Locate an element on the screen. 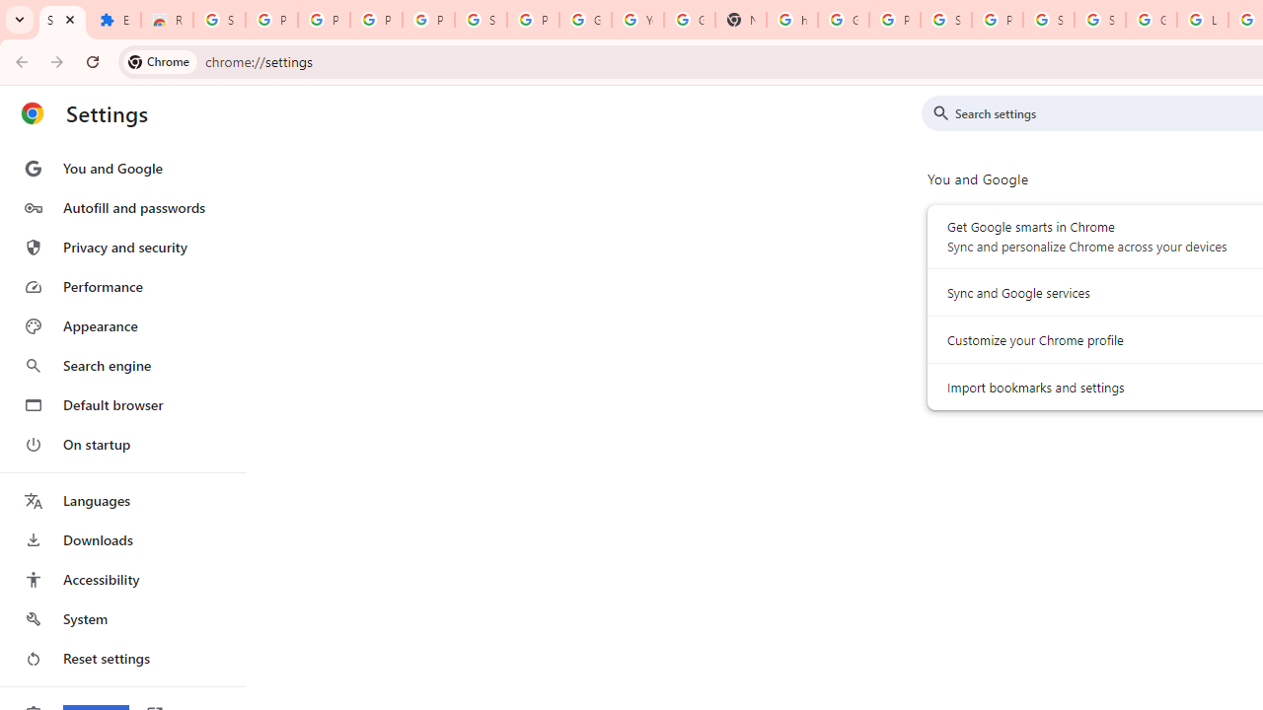 The image size is (1263, 710). 'Reviews: Helix Fruit Jump Arcade Game' is located at coordinates (167, 20).